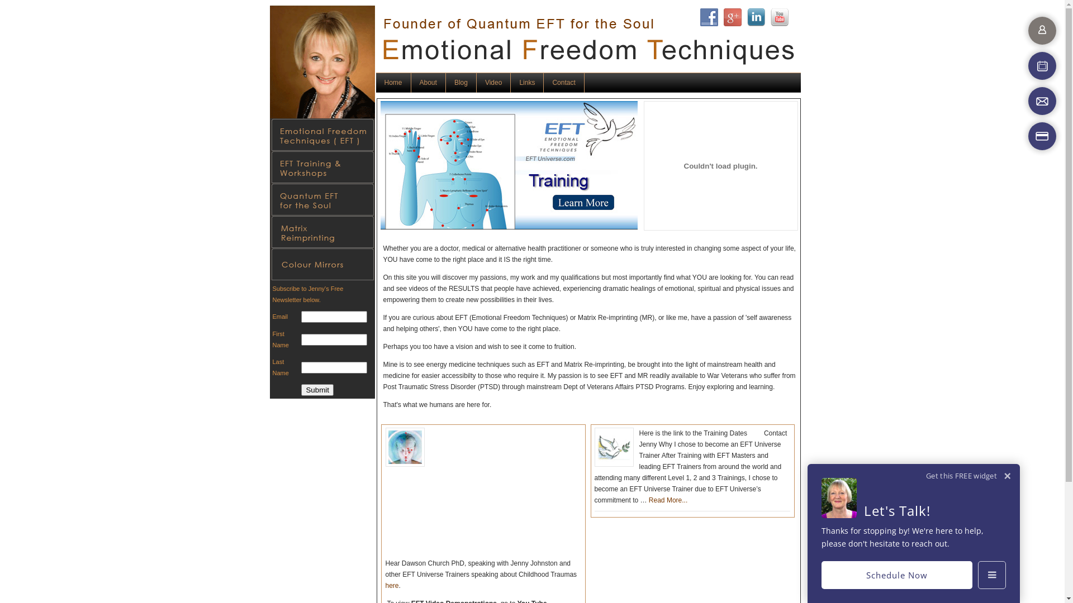 The height and width of the screenshot is (603, 1073). I want to click on 'Links', so click(526, 82).